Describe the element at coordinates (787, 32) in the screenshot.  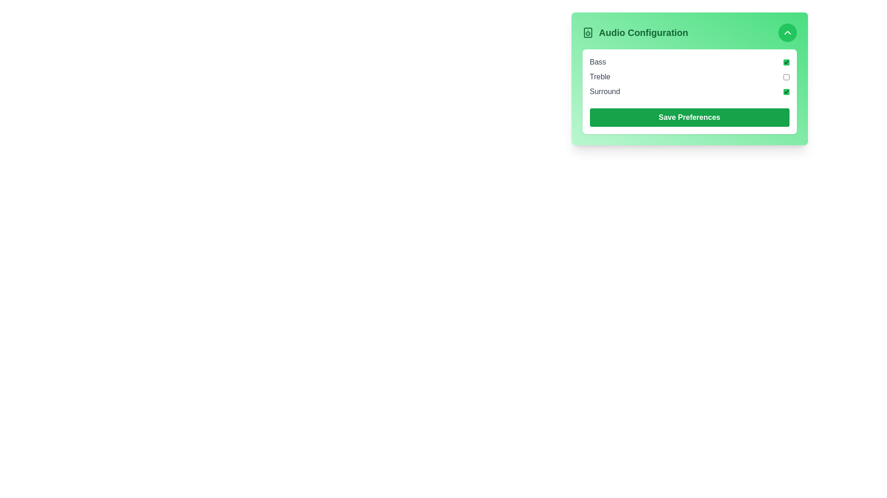
I see `the toggle icon located at the top-right corner of the rounded green button in the 'Audio Configuration' panel` at that location.